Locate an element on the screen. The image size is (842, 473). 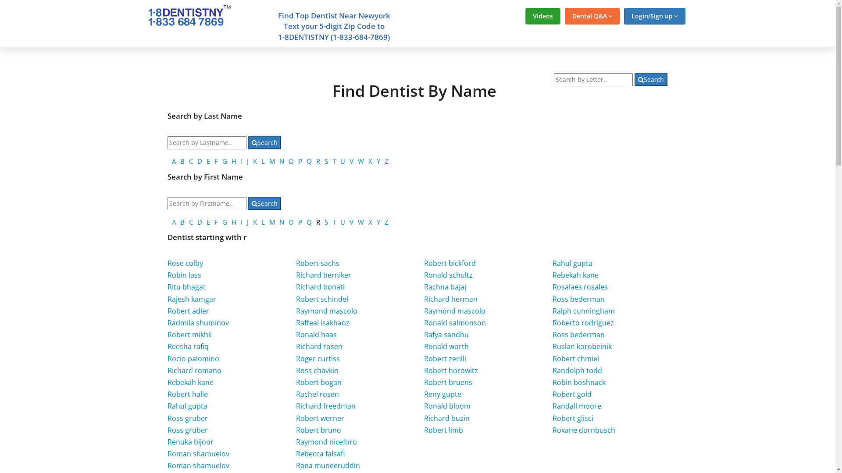
'Roxane dornbusch' is located at coordinates (584, 430).